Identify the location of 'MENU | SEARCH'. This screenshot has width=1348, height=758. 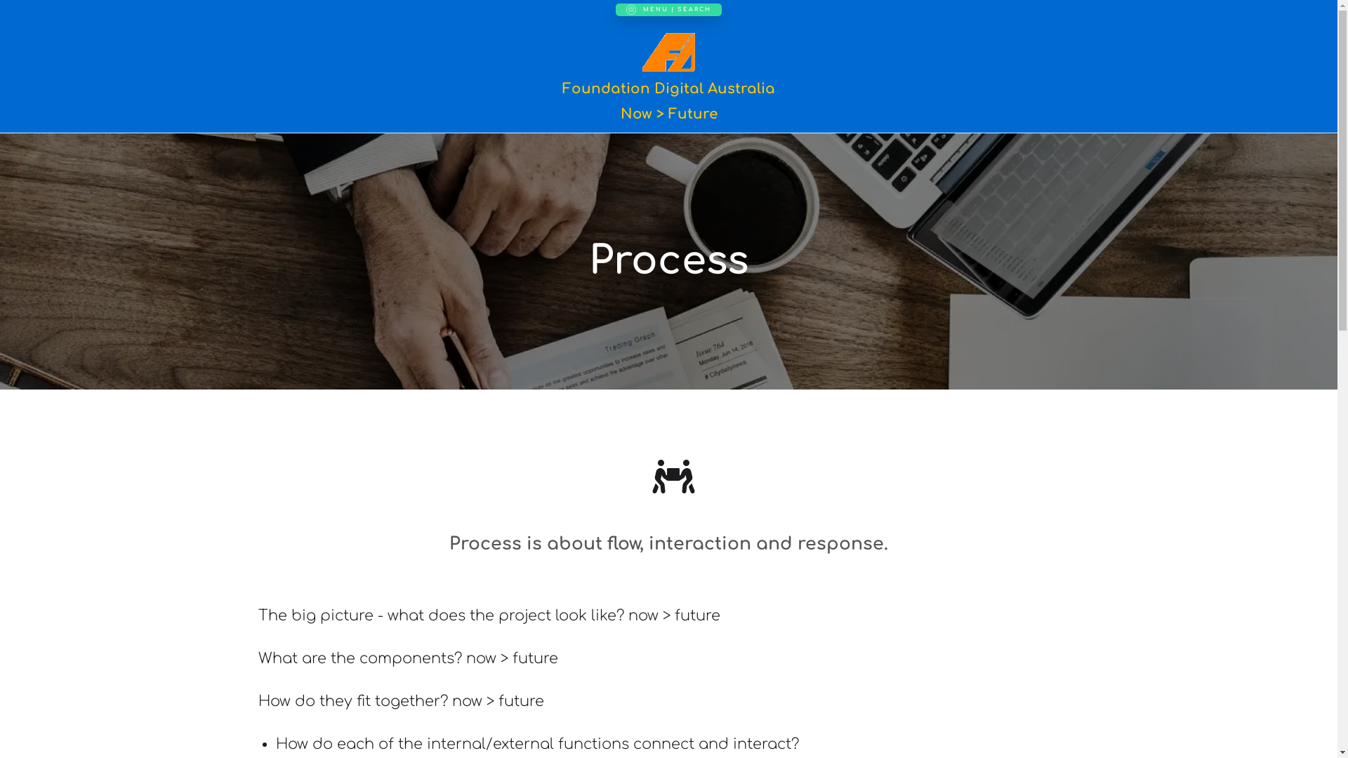
(668, 10).